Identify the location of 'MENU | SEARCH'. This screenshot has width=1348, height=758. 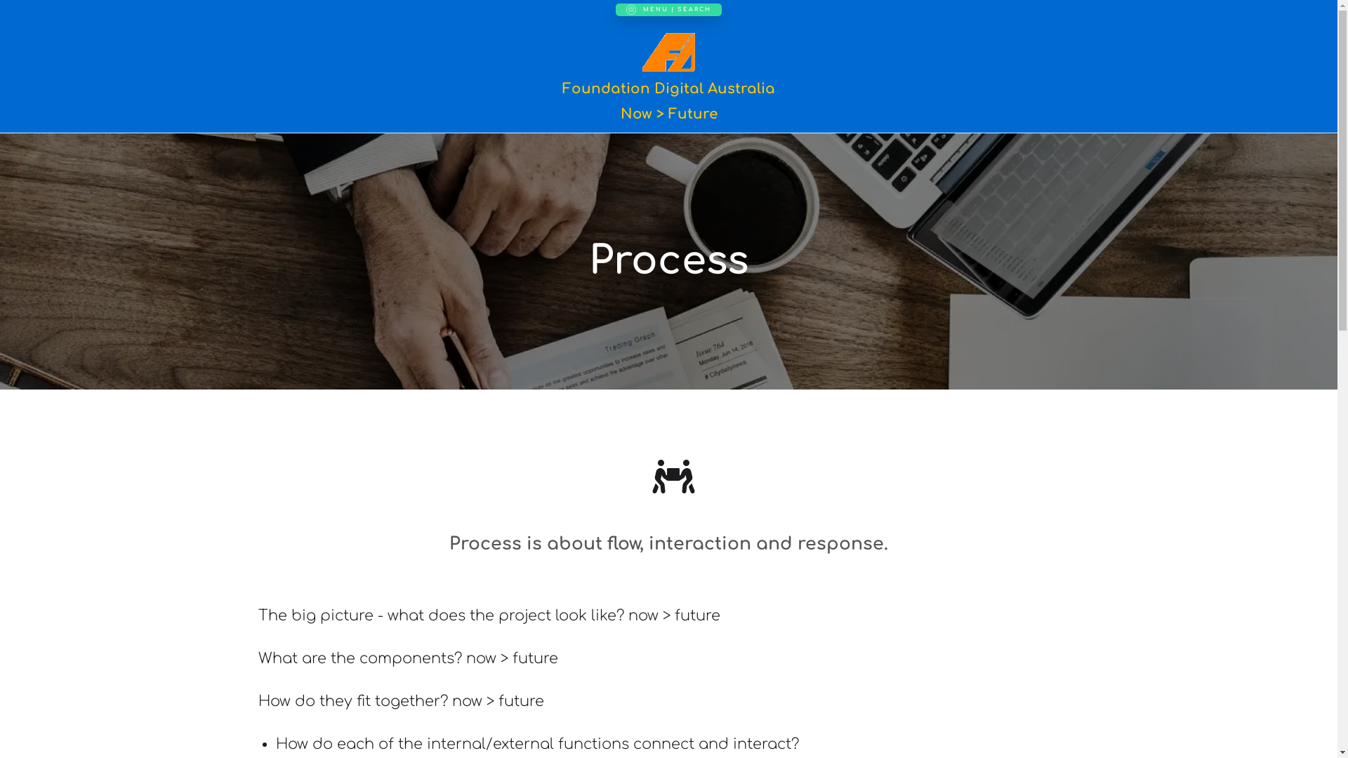
(668, 10).